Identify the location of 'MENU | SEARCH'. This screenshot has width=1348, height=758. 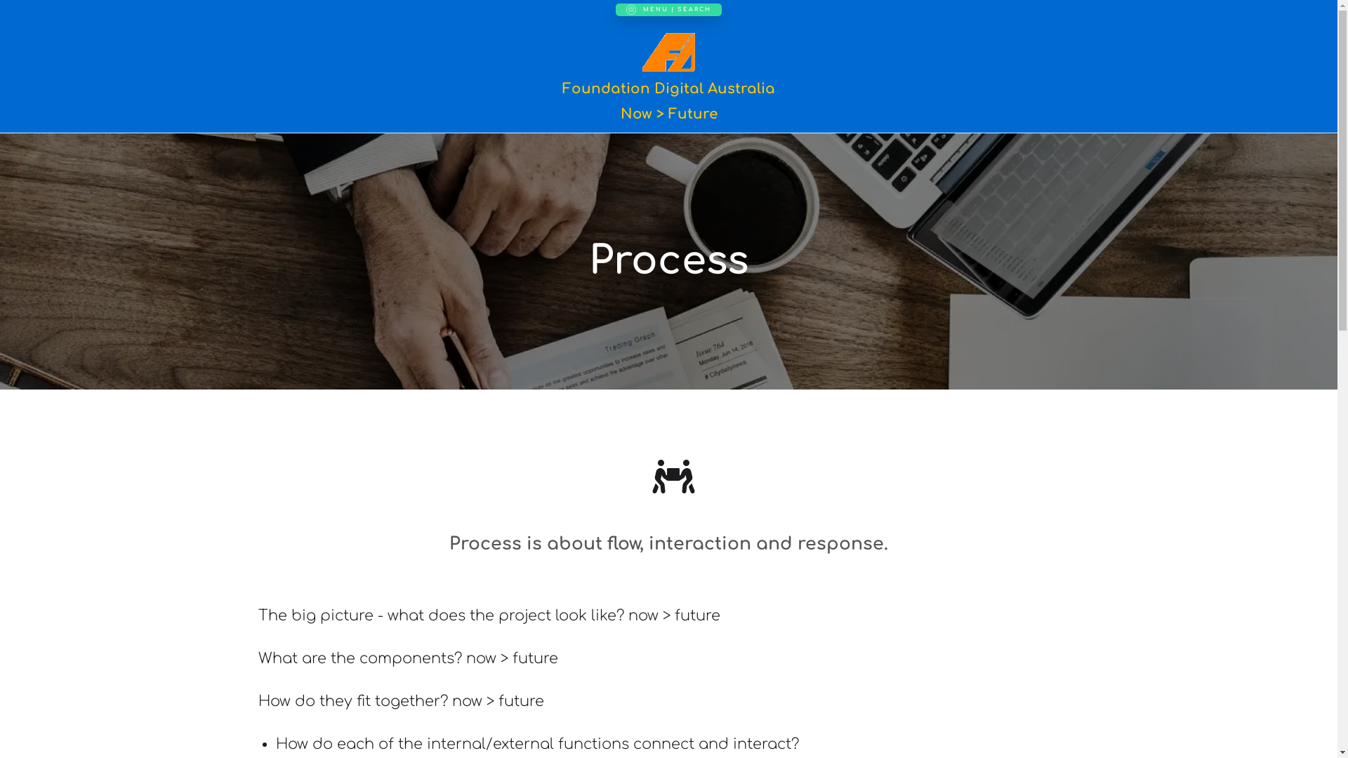
(668, 10).